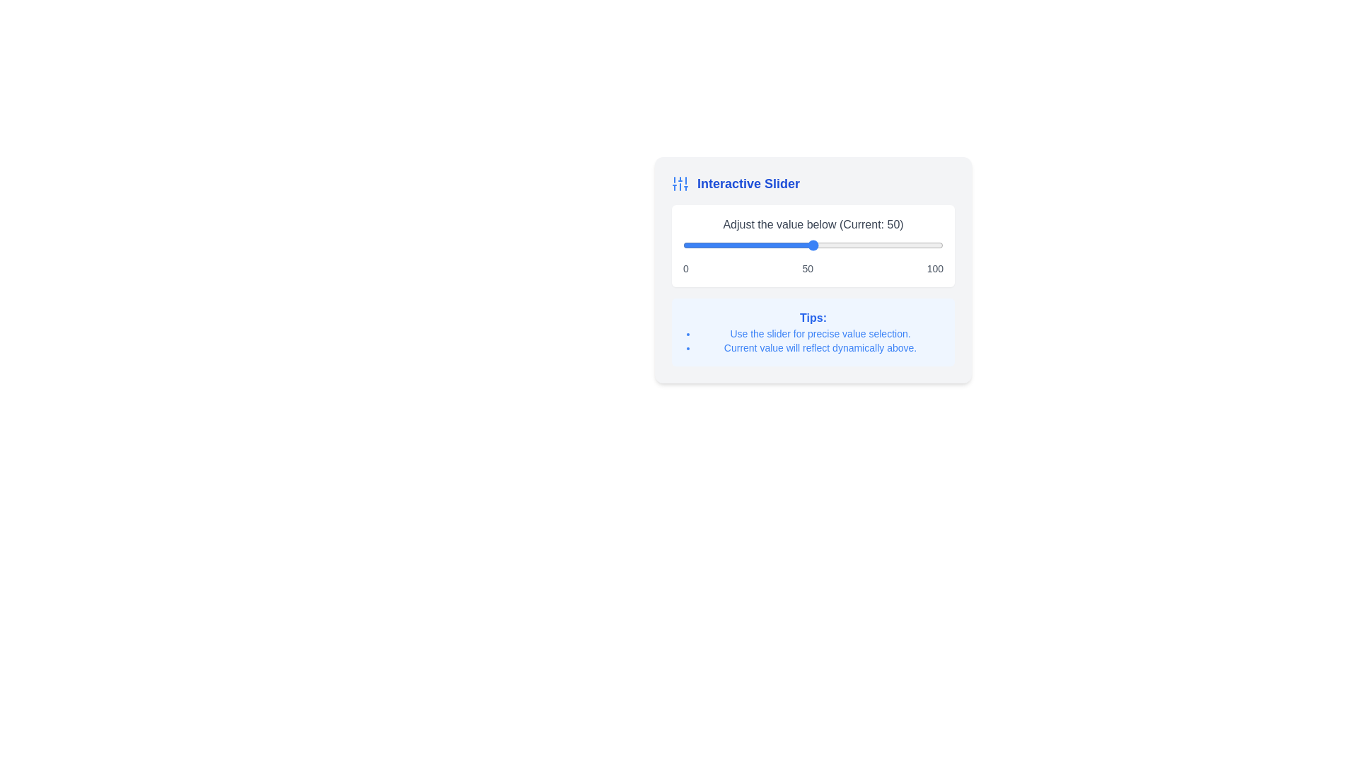  What do you see at coordinates (880, 245) in the screenshot?
I see `the slider value` at bounding box center [880, 245].